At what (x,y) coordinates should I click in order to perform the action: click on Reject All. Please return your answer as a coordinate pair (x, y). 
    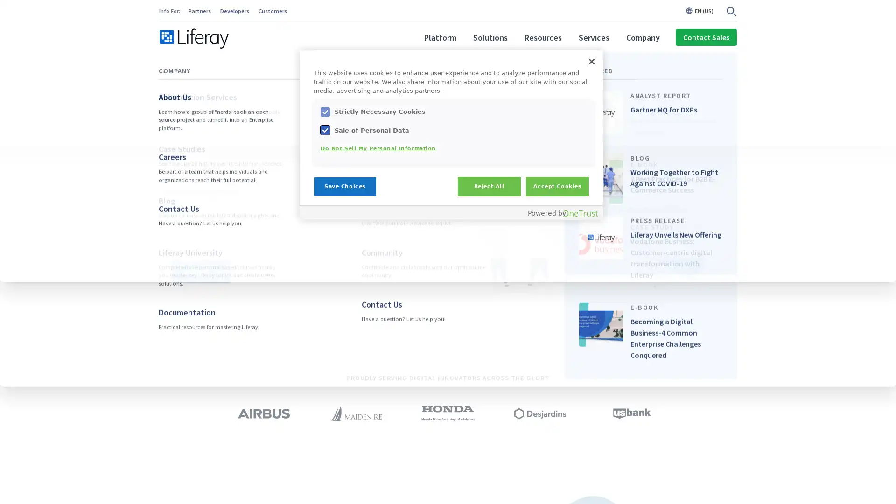
    Looking at the image, I should click on (488, 186).